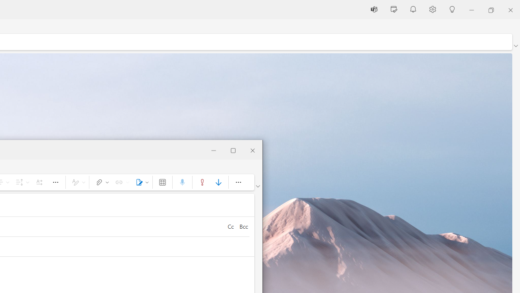 The image size is (520, 293). Describe the element at coordinates (39, 181) in the screenshot. I see `'Left-to-right'` at that location.